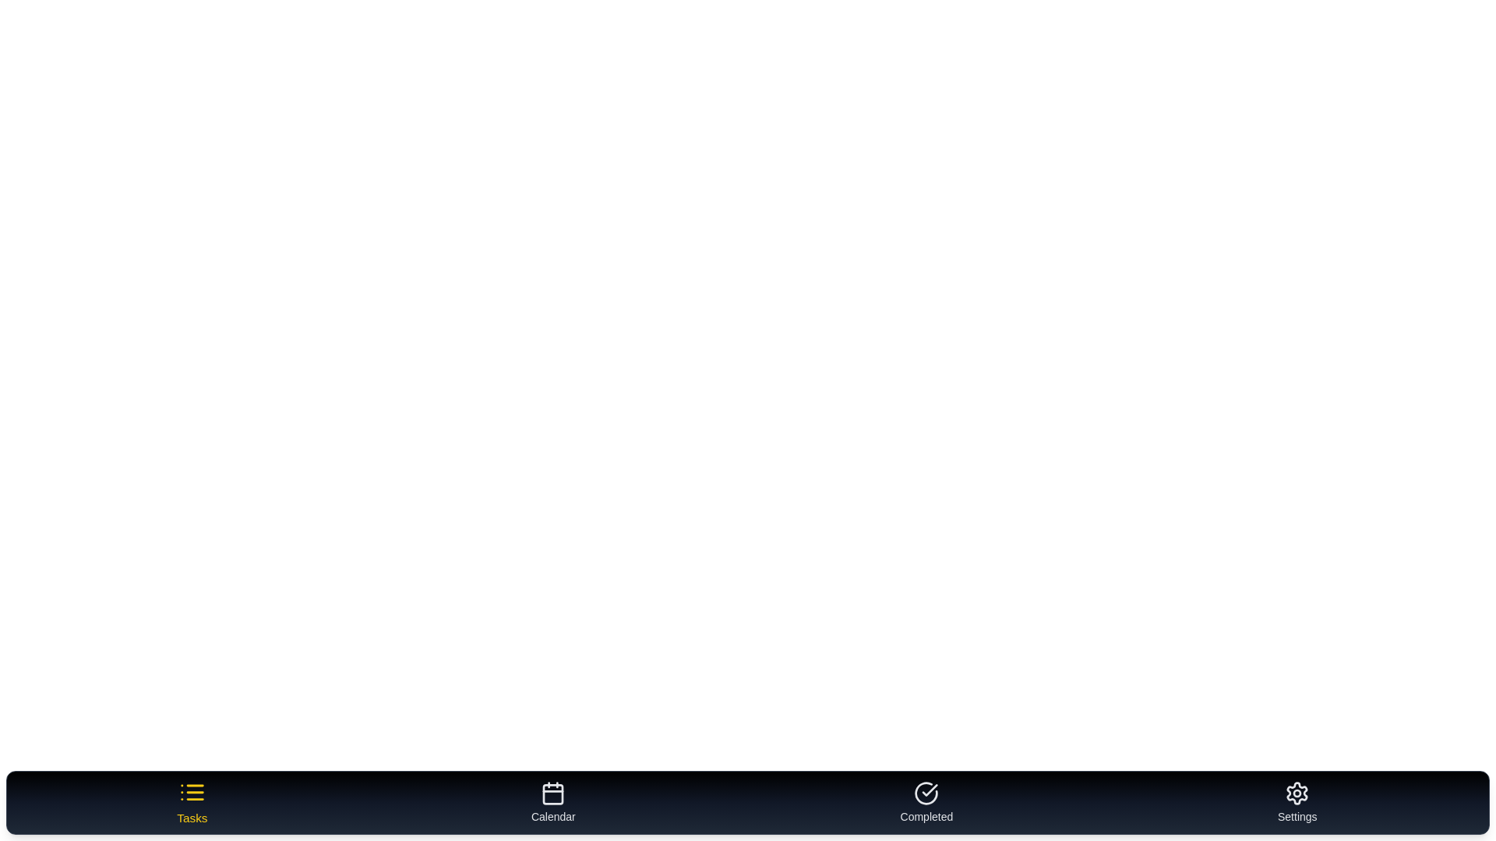  What do you see at coordinates (926, 802) in the screenshot?
I see `the tab labeled 'Completed' to preview its behavior` at bounding box center [926, 802].